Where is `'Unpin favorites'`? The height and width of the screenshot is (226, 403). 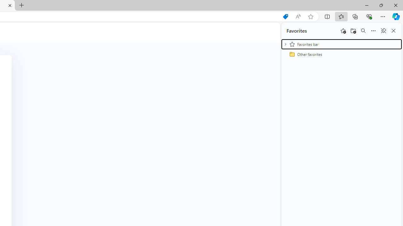 'Unpin favorites' is located at coordinates (383, 31).